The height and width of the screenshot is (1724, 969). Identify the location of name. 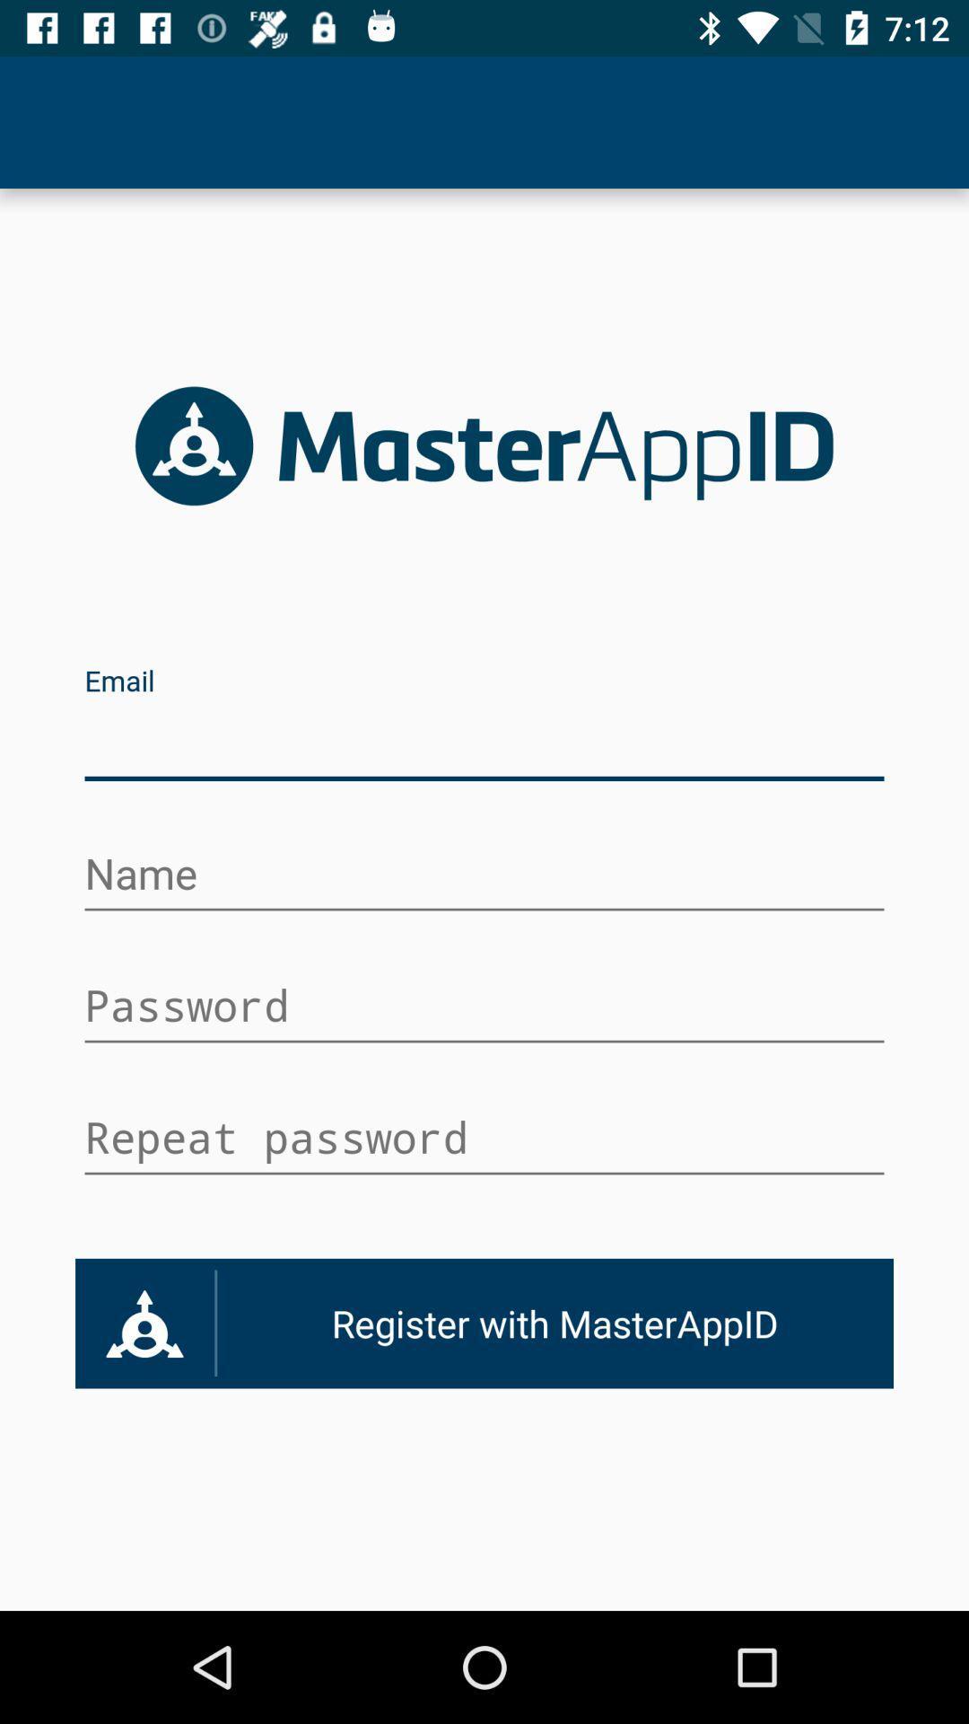
(484, 875).